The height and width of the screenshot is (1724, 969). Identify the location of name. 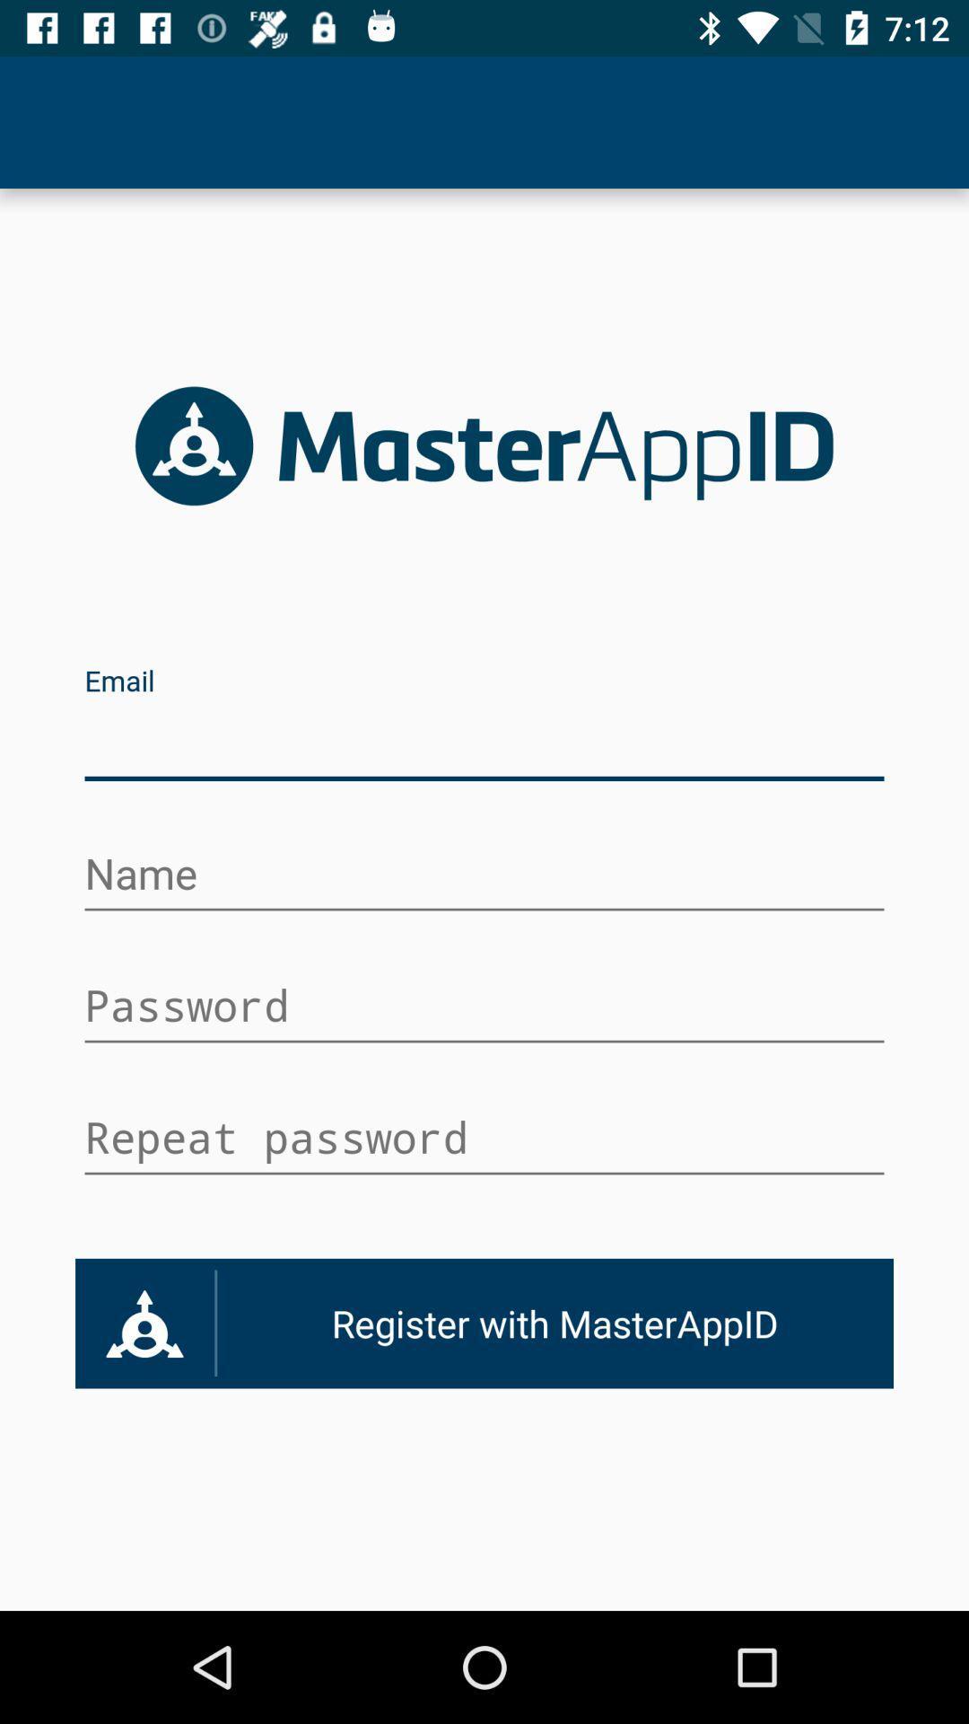
(484, 875).